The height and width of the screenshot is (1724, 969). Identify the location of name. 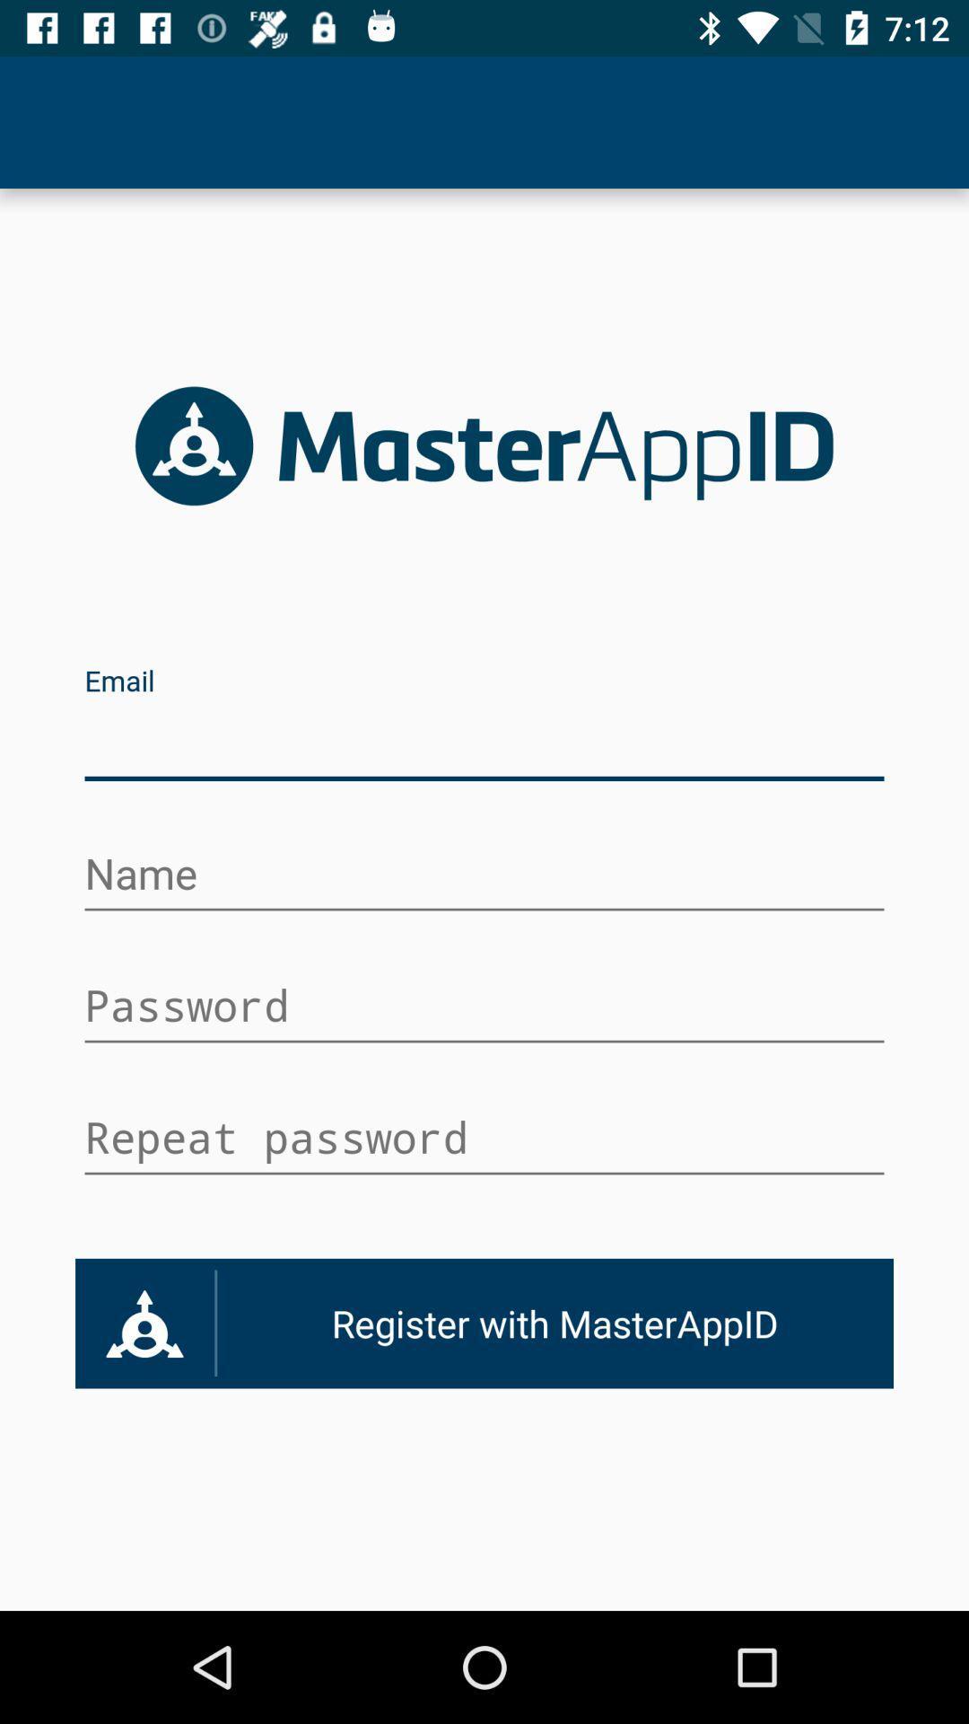
(484, 875).